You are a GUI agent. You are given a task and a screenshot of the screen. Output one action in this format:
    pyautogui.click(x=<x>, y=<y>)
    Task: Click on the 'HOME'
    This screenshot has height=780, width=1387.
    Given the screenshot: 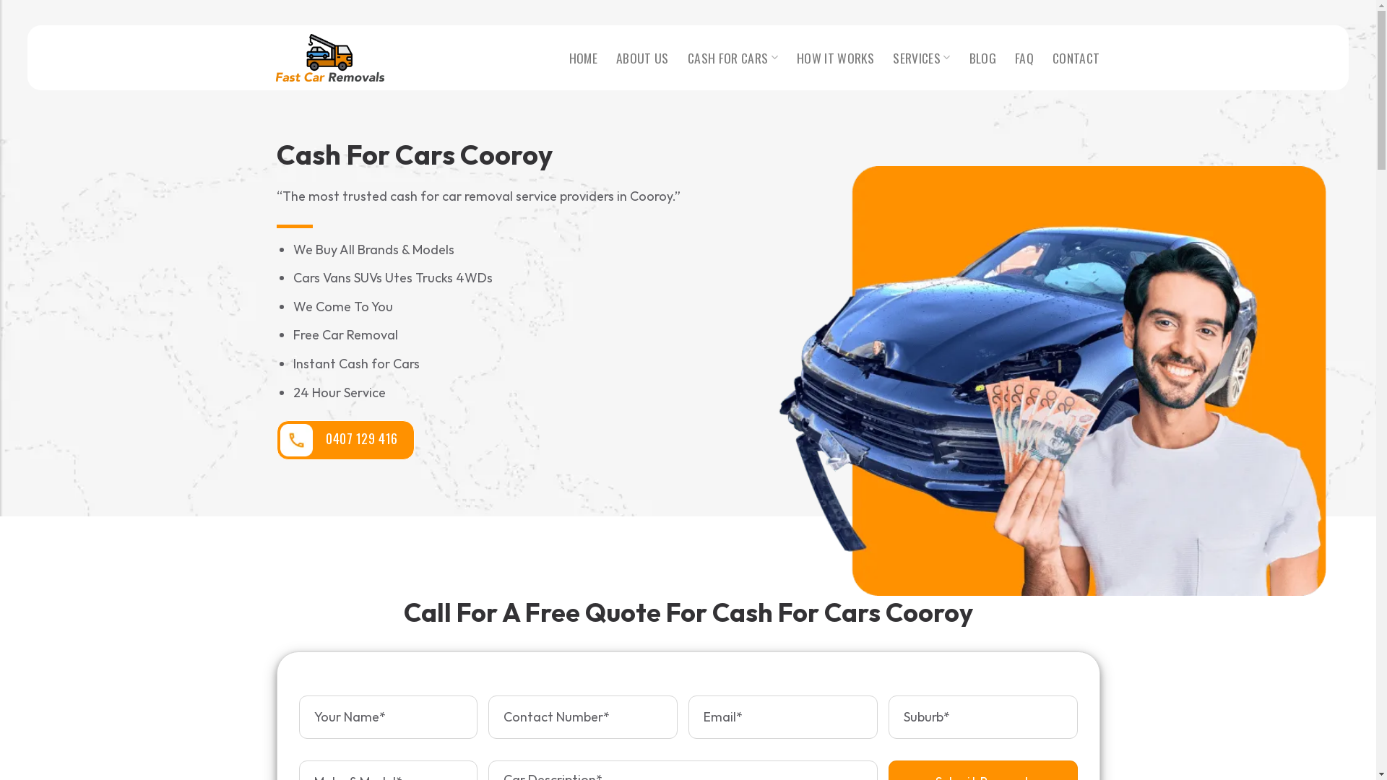 What is the action you would take?
    pyautogui.click(x=583, y=57)
    